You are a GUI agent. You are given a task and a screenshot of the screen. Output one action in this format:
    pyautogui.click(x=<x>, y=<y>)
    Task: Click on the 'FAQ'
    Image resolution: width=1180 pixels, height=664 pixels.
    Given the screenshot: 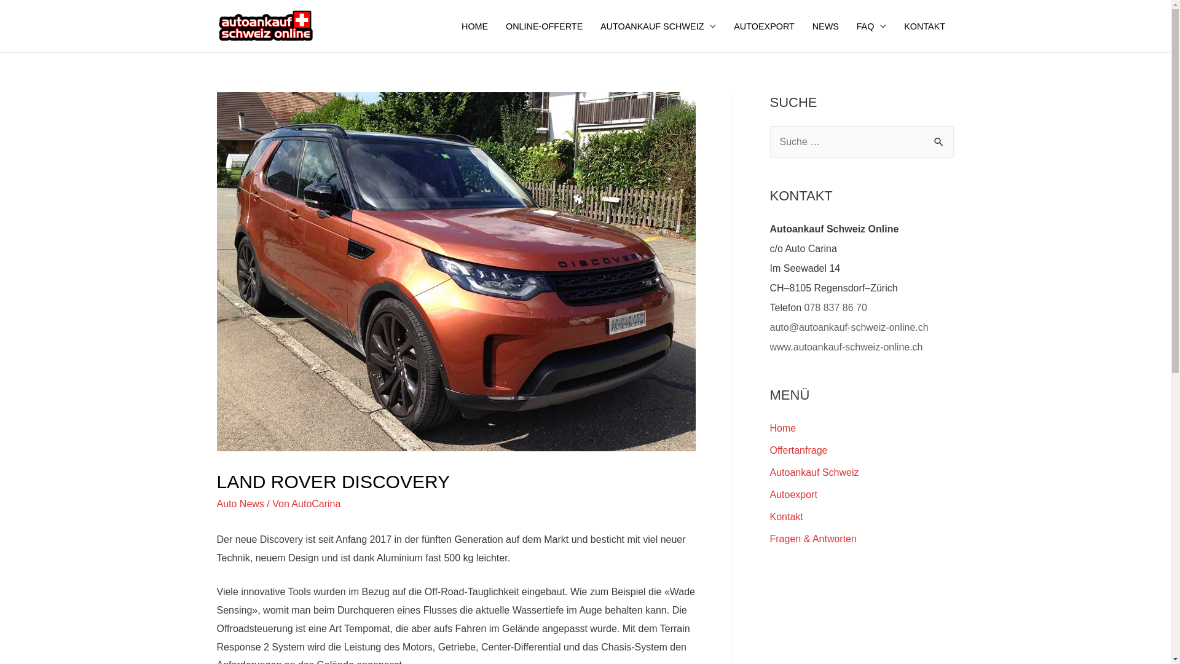 What is the action you would take?
    pyautogui.click(x=870, y=26)
    